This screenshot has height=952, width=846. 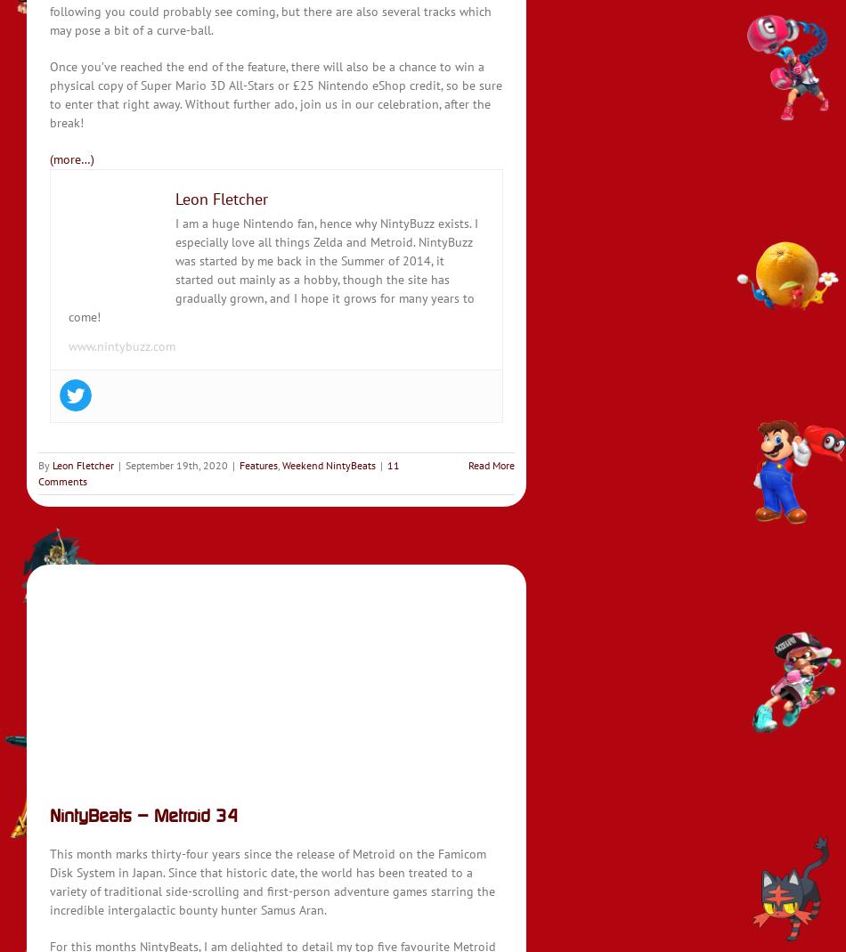 I want to click on 'www.nintybuzz.com', so click(x=121, y=346).